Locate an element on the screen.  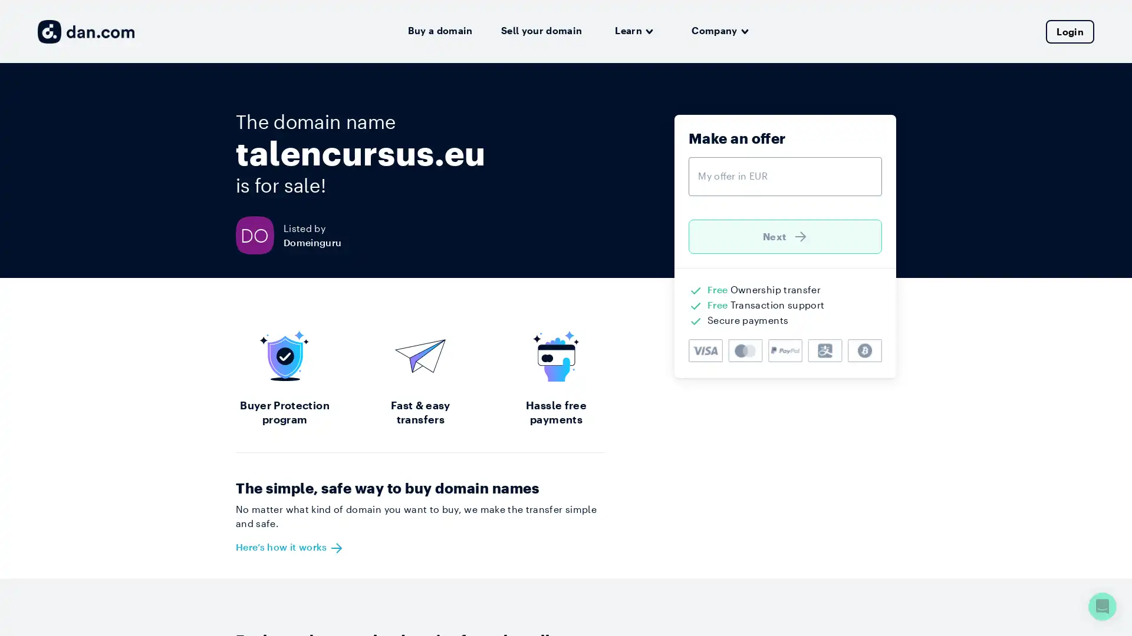
Company is located at coordinates (719, 31).